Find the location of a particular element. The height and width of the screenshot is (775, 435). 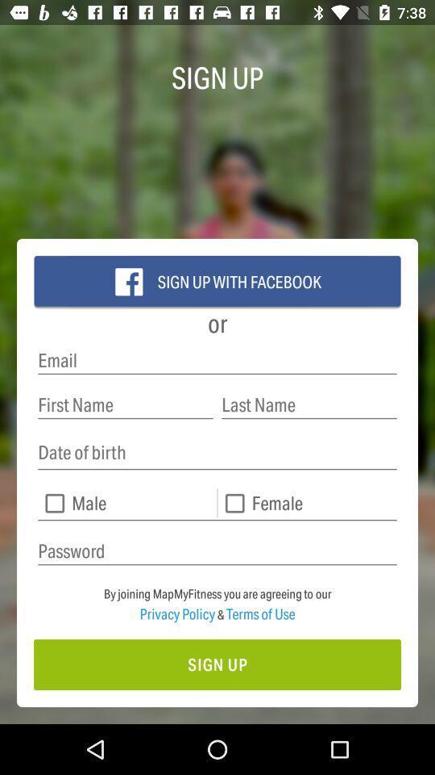

male check box is located at coordinates (126, 502).